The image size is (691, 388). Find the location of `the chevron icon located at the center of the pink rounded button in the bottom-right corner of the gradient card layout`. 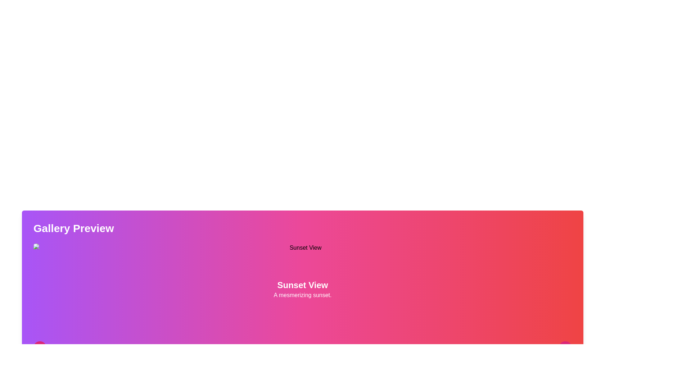

the chevron icon located at the center of the pink rounded button in the bottom-right corner of the gradient card layout is located at coordinates (565, 347).